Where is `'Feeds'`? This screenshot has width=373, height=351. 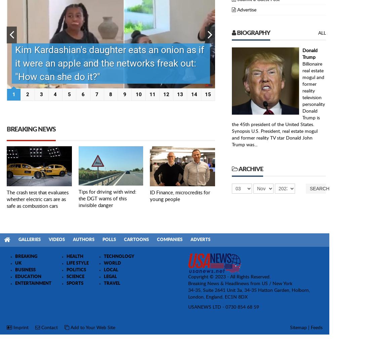
'Feeds' is located at coordinates (317, 327).